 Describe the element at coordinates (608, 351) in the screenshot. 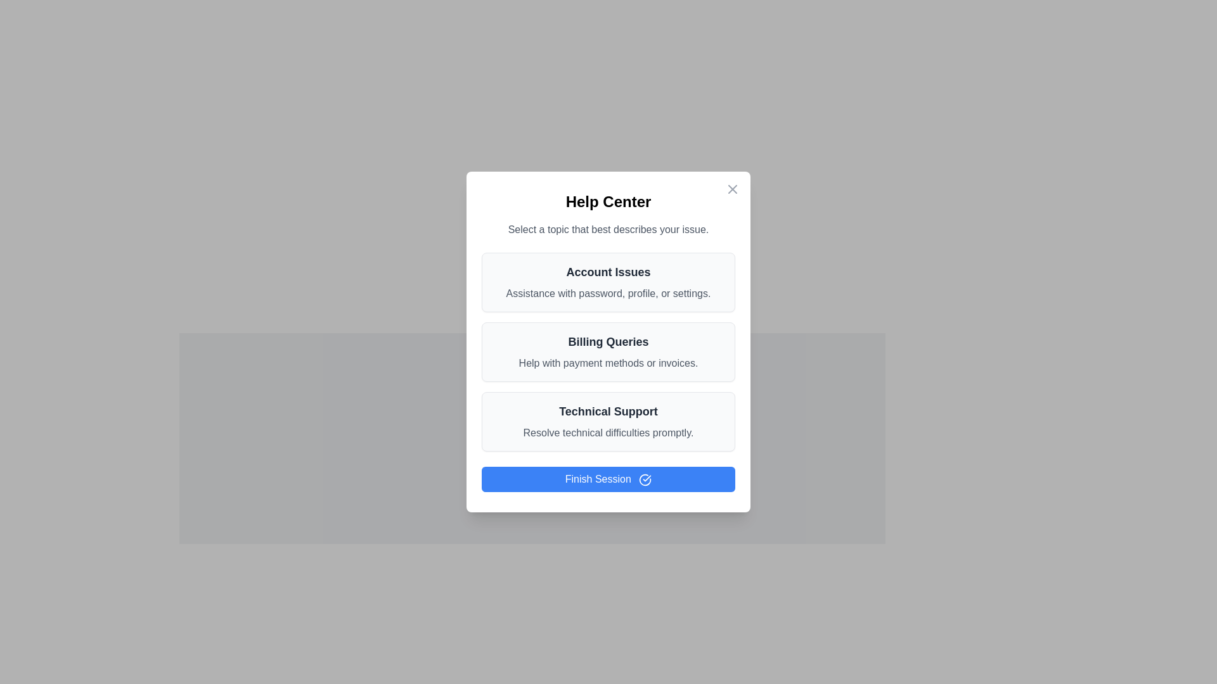

I see `the 'Billing Queries' card, which is a rectangular selectable card with a light gray background and rounded corners, located in the Help Center modal` at that location.